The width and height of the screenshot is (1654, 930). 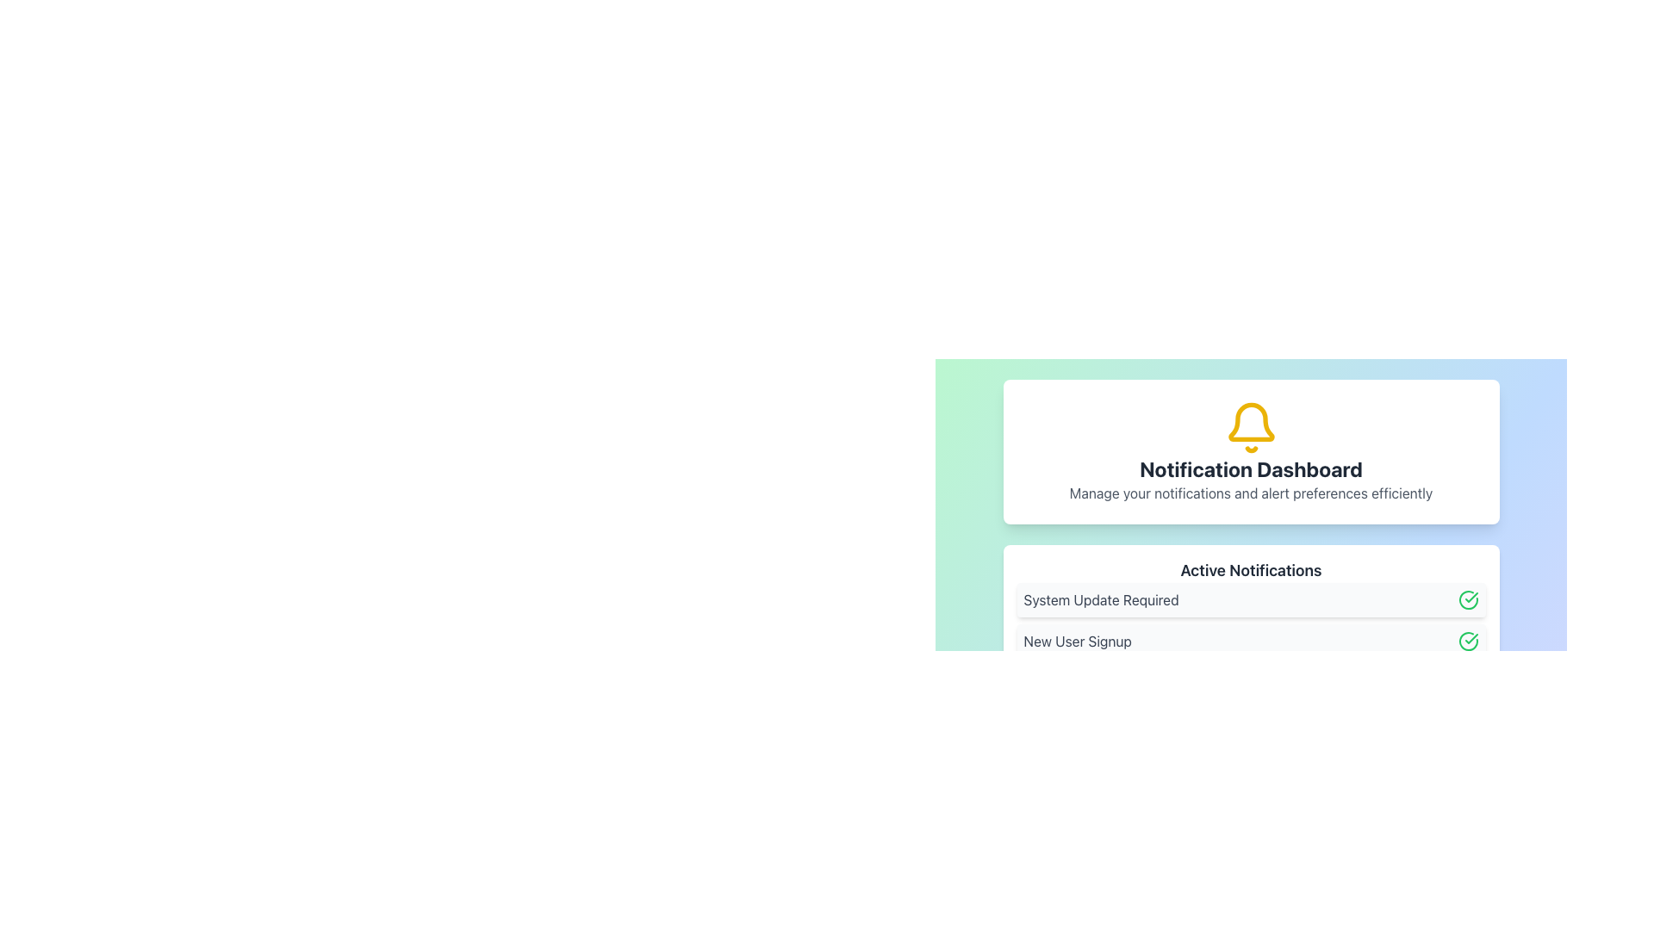 I want to click on the light-themed notification dashboard titled 'Notification Dashboard' which displays a list of notifications including 'System Update Required' and 'New User Signup', so click(x=1251, y=494).